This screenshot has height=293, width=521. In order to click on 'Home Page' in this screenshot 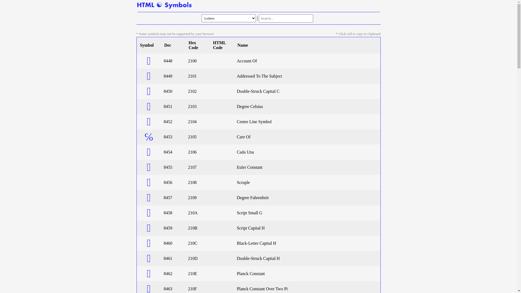, I will do `click(164, 5)`.